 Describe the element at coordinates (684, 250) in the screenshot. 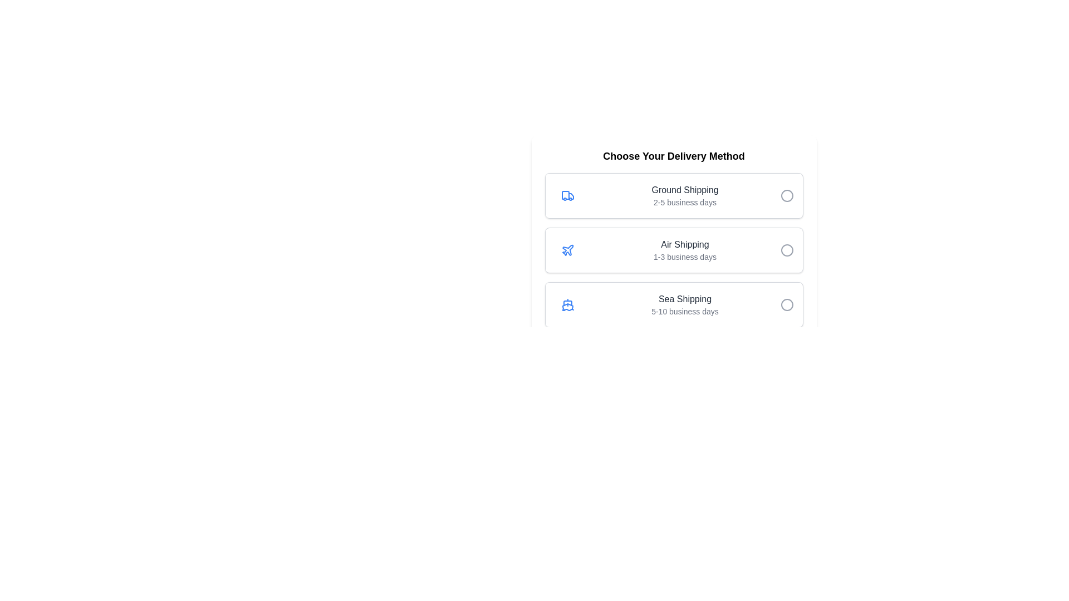

I see `the 'Air Shipping' text label within the second selectable card in the delivery options list` at that location.